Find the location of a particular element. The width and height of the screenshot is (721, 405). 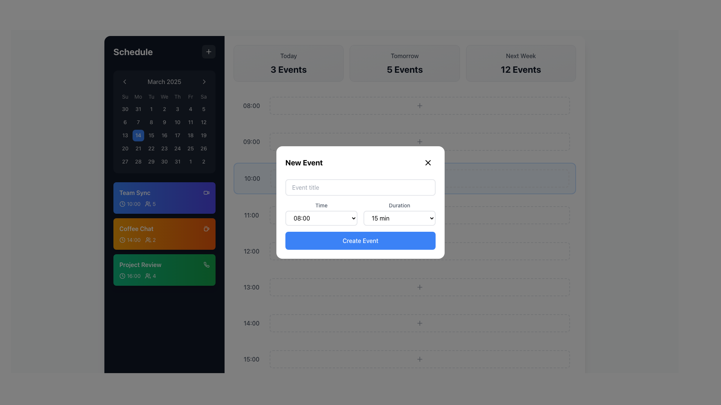

the 'Team Sync' schedule element, which features a small clock icon and the time '10:00' on a dark background with light-colored text, located on the left-hand side of the interface is located at coordinates (130, 204).